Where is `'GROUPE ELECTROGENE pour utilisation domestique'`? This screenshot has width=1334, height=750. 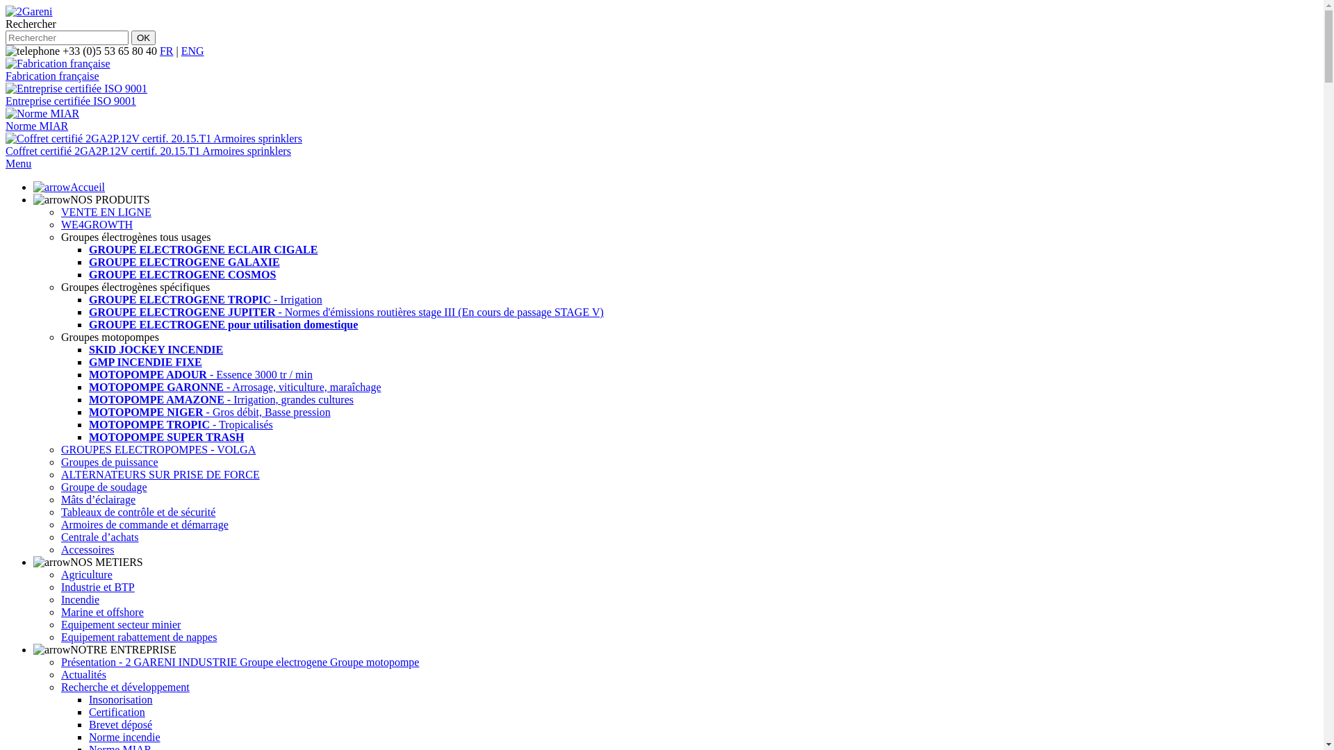 'GROUPE ELECTROGENE pour utilisation domestique' is located at coordinates (223, 324).